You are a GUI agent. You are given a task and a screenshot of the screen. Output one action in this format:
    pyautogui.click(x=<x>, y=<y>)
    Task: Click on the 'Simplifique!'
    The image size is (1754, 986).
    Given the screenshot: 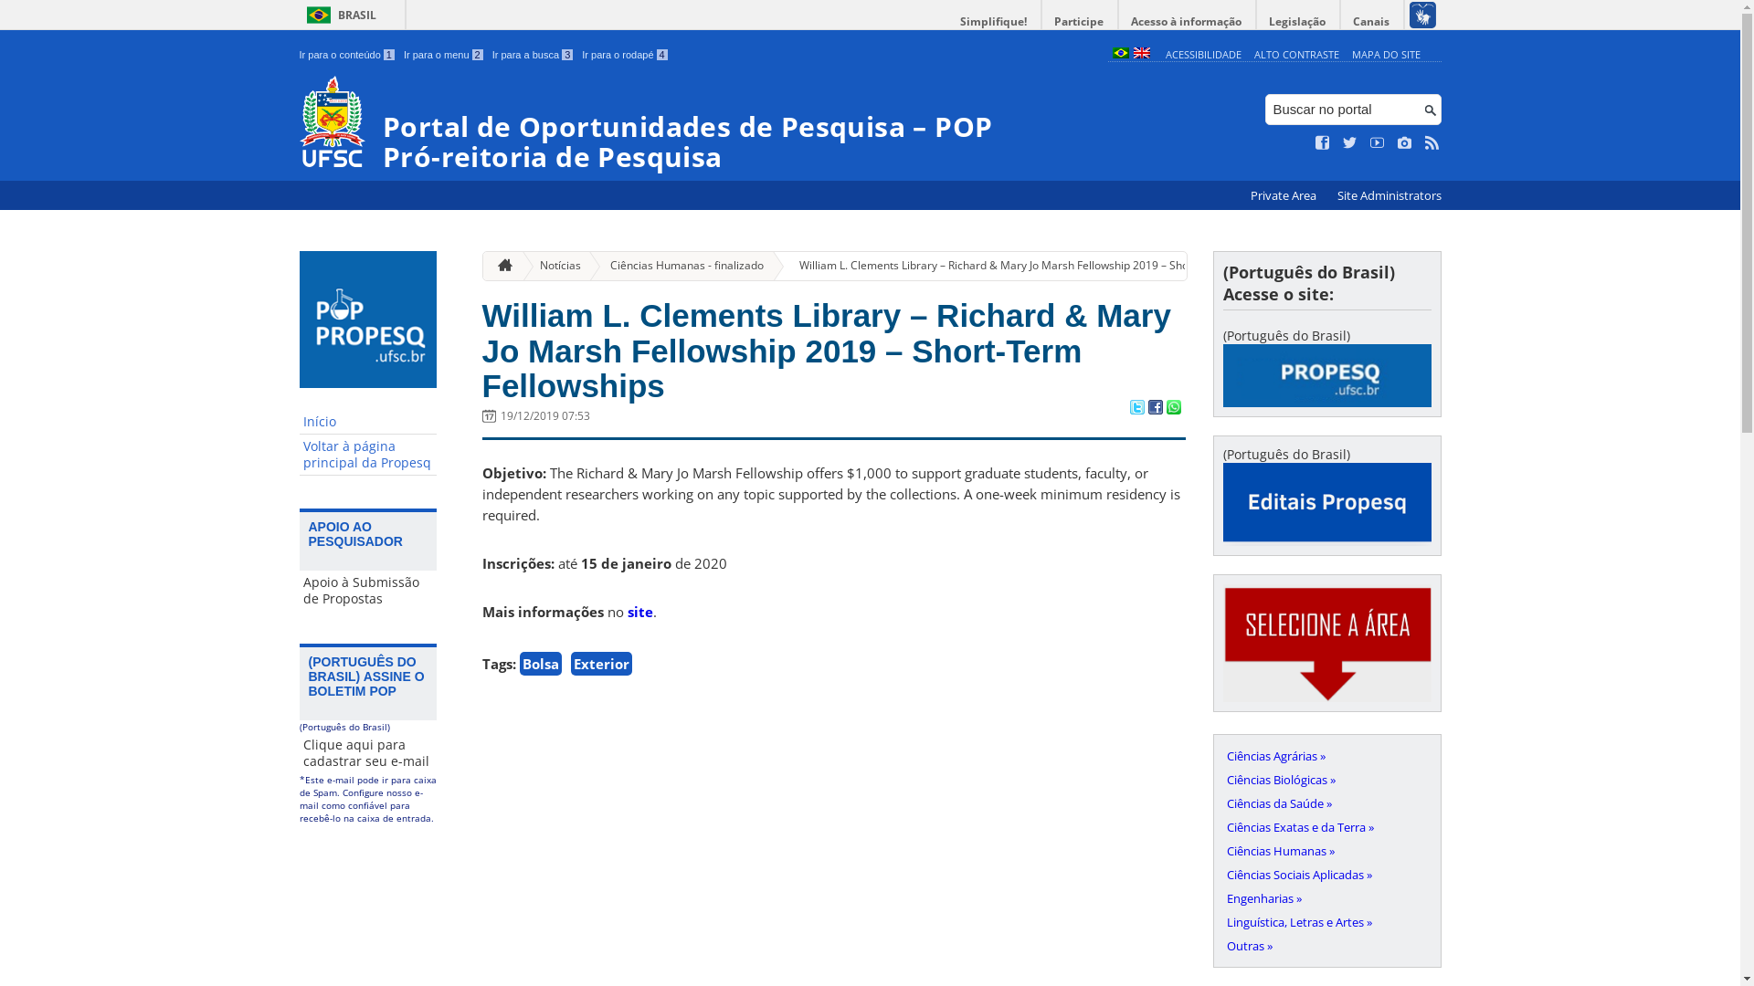 What is the action you would take?
    pyautogui.click(x=993, y=21)
    